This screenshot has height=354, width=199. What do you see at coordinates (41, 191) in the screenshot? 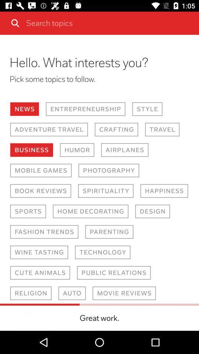
I see `button below the mobile games` at bounding box center [41, 191].